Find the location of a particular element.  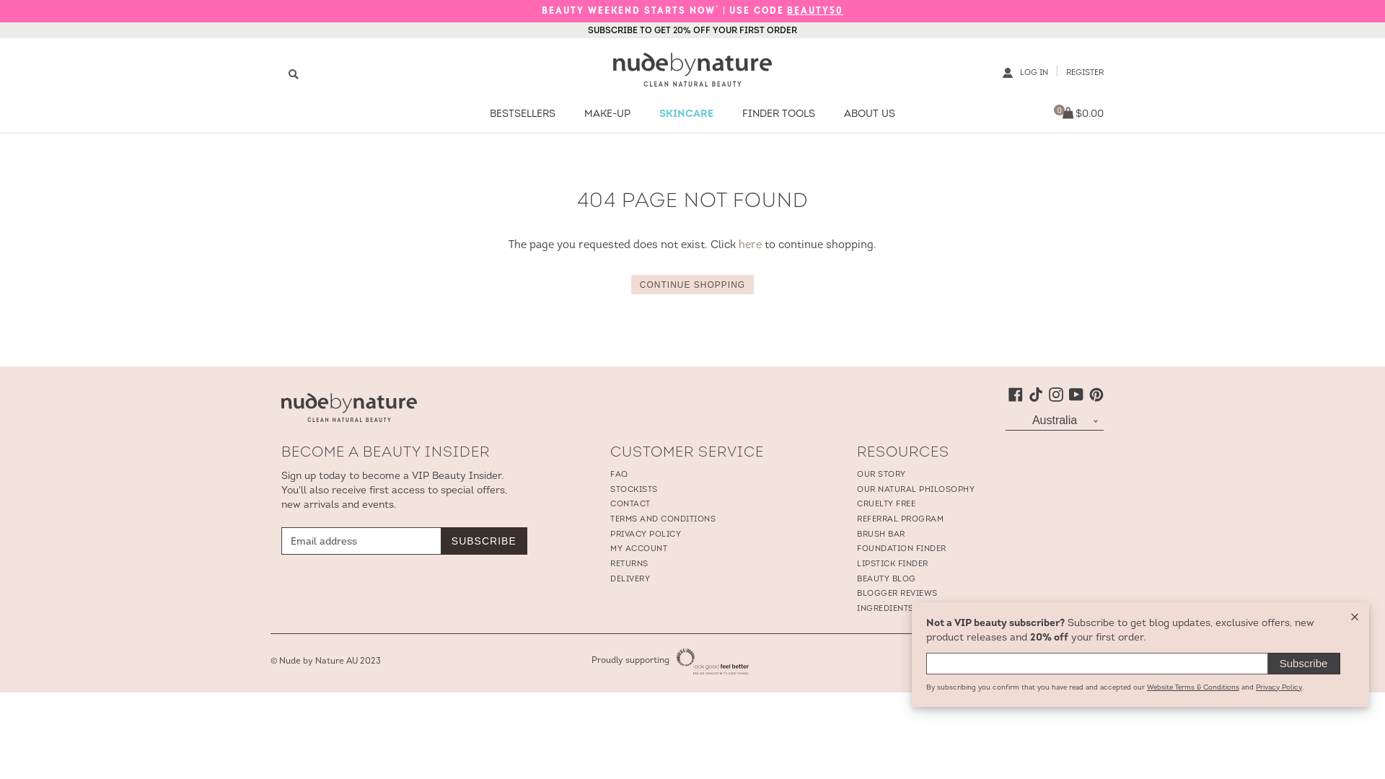

'INGREDIENTS GLOSSARY' is located at coordinates (909, 609).